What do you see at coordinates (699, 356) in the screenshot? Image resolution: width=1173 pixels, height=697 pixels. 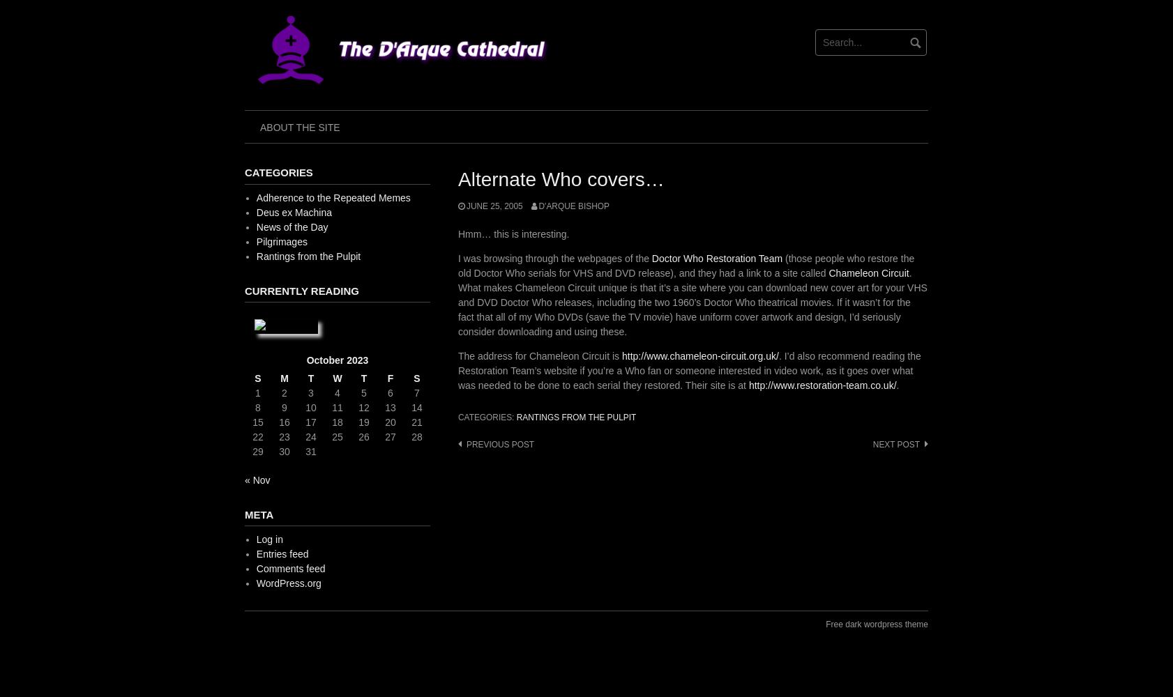 I see `'http://www.chameleon-circuit.org.uk/'` at bounding box center [699, 356].